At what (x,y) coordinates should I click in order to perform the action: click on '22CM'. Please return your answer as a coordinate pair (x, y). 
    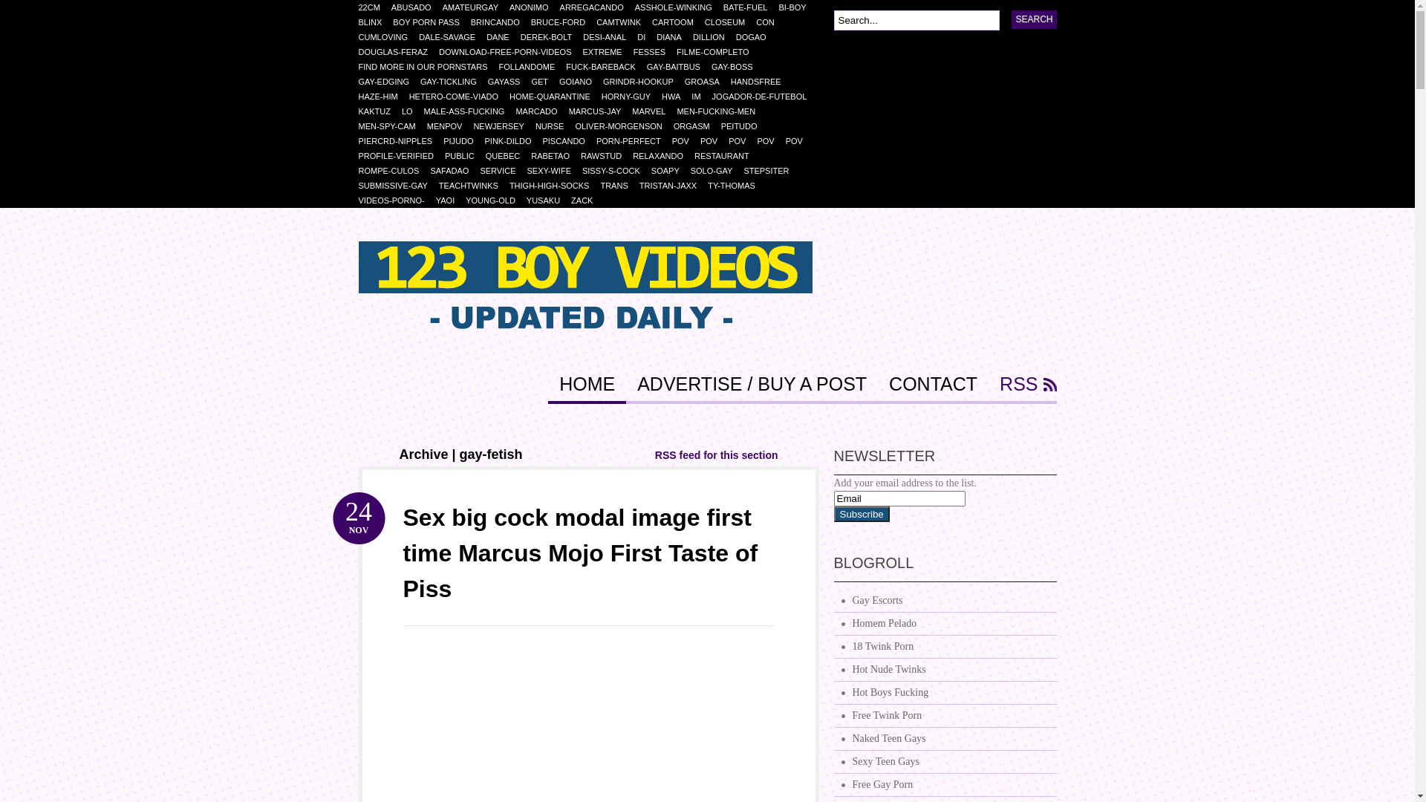
    Looking at the image, I should click on (374, 7).